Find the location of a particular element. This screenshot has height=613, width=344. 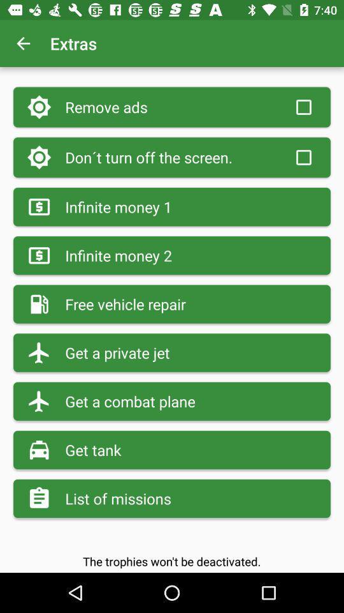

the icon next to the extras item is located at coordinates (23, 43).